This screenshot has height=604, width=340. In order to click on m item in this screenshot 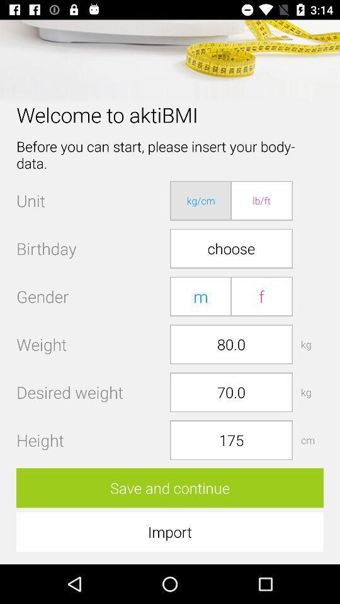, I will do `click(201, 296)`.